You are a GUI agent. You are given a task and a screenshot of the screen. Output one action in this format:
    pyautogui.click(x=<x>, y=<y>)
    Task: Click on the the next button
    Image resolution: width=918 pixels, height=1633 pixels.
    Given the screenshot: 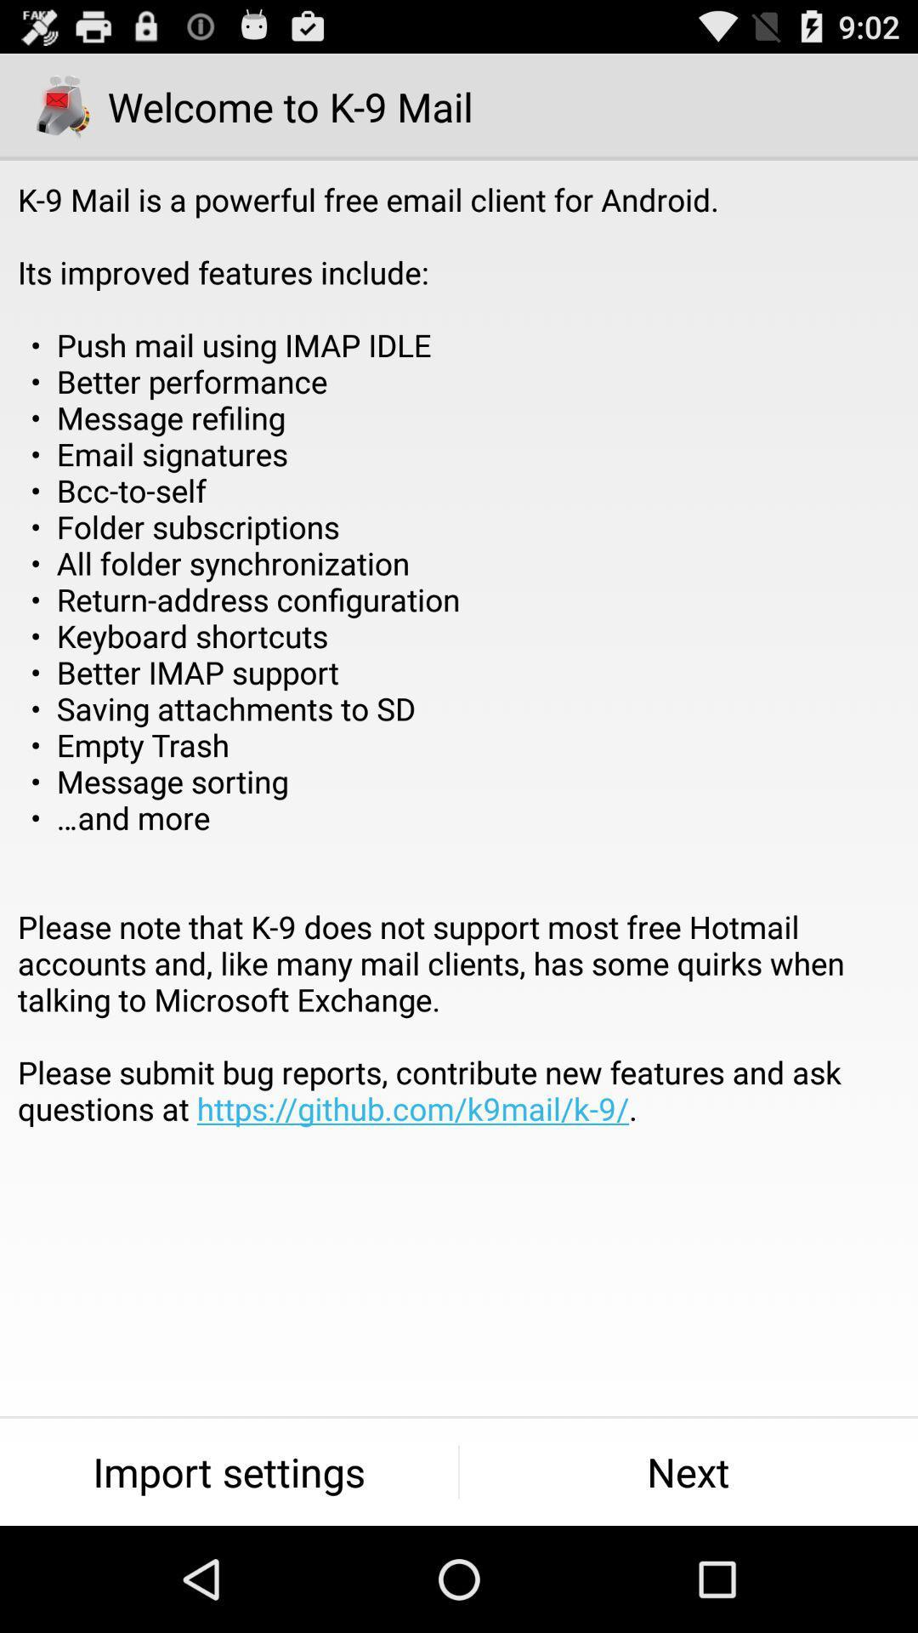 What is the action you would take?
    pyautogui.click(x=688, y=1471)
    